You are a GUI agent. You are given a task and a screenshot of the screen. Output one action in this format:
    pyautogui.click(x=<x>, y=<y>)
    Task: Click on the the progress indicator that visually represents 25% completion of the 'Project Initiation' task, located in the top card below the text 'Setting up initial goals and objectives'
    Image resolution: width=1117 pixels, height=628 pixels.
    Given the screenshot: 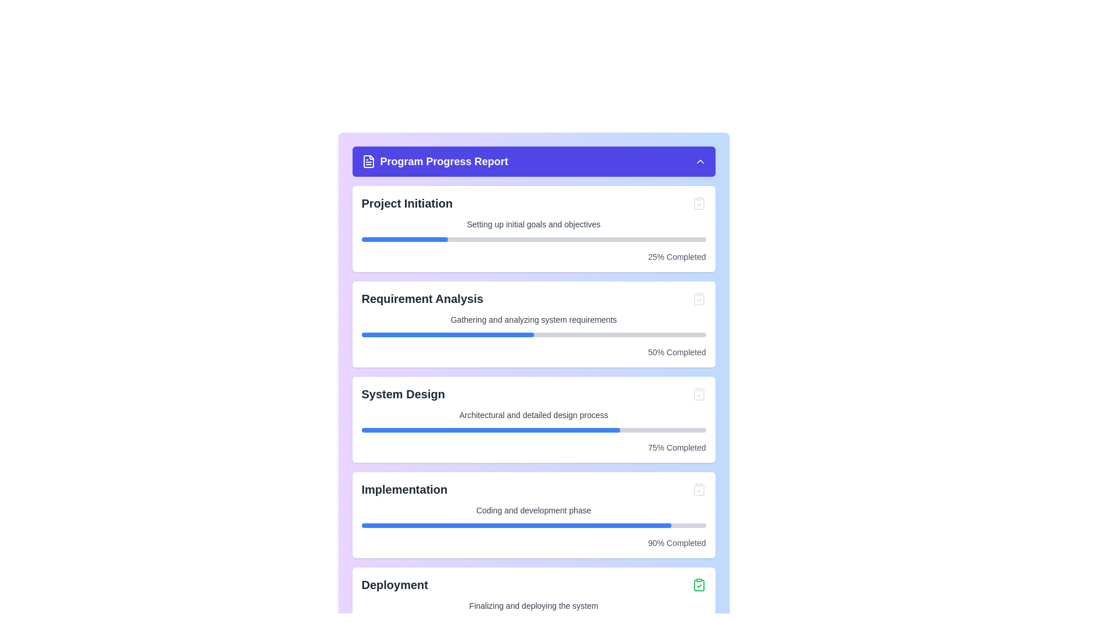 What is the action you would take?
    pyautogui.click(x=404, y=239)
    